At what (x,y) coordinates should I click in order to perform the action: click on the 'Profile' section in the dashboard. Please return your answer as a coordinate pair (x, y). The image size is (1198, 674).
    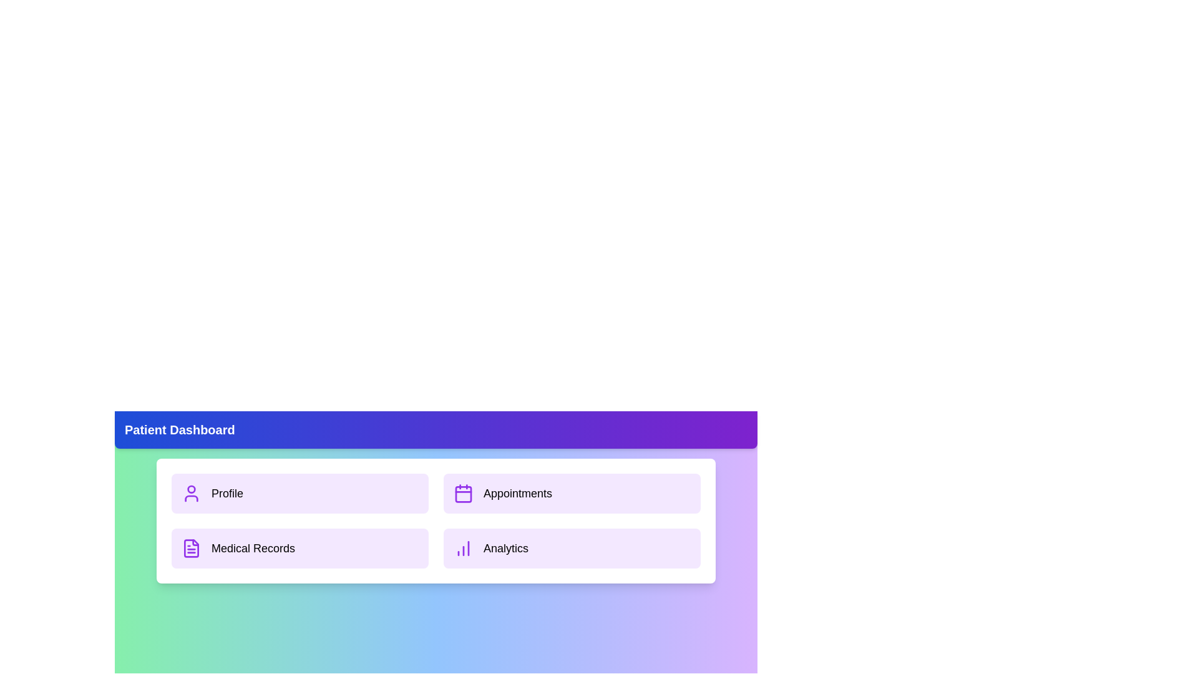
    Looking at the image, I should click on (299, 492).